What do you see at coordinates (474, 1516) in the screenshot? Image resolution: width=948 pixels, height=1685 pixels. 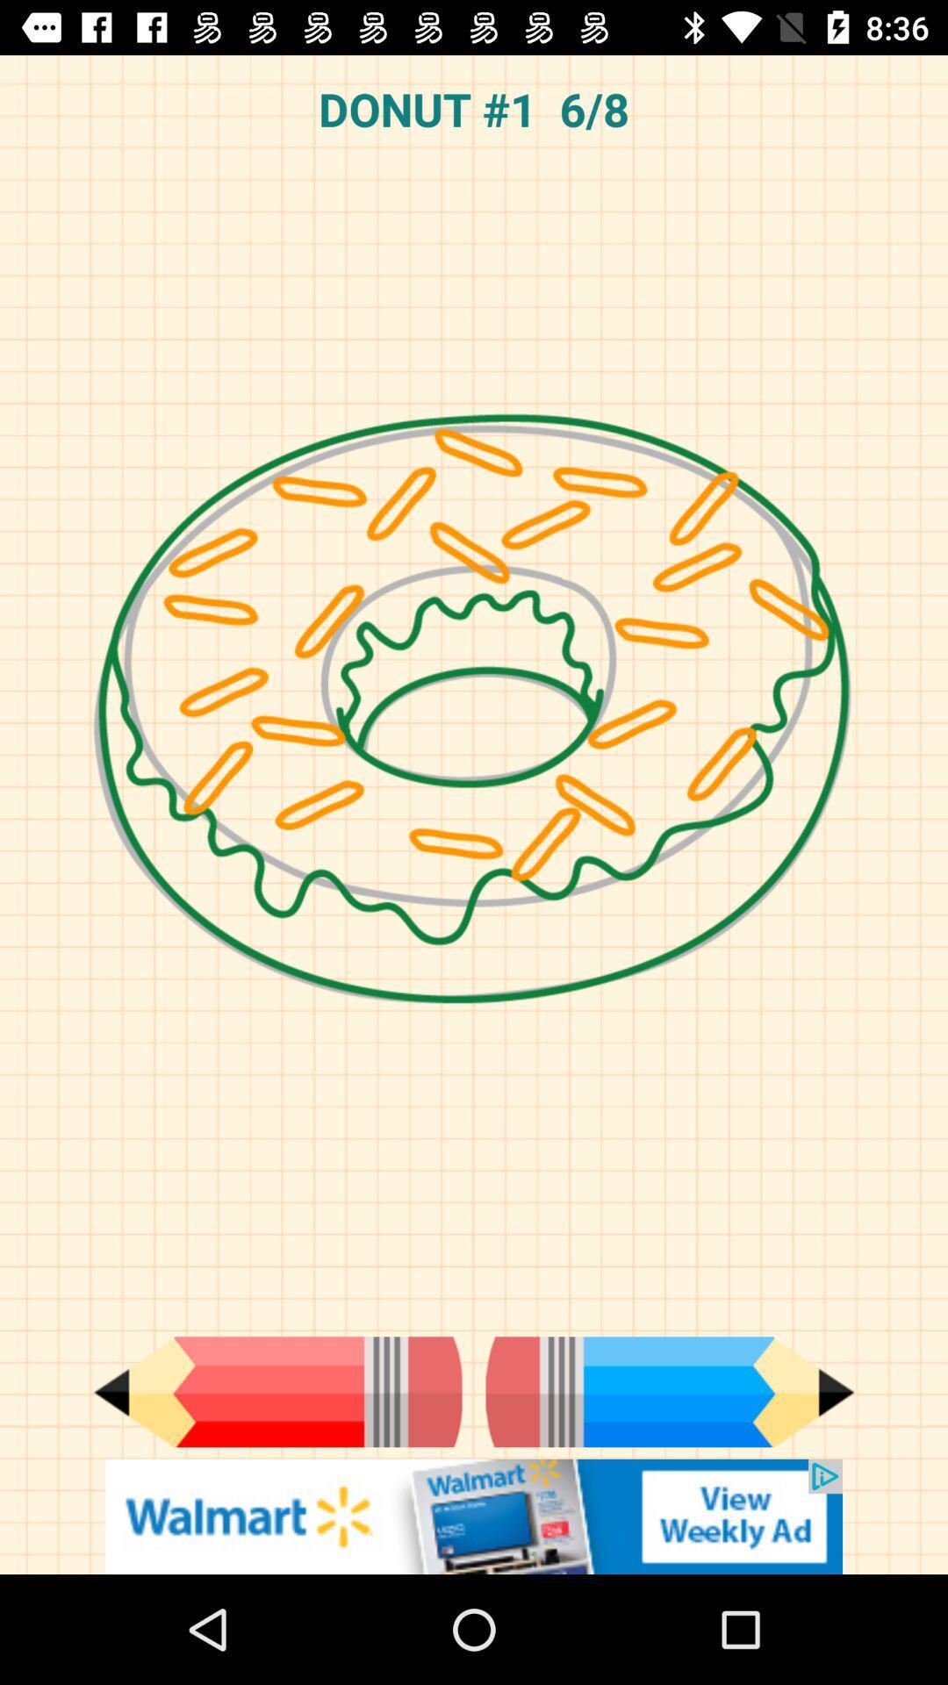 I see `open advertisement` at bounding box center [474, 1516].